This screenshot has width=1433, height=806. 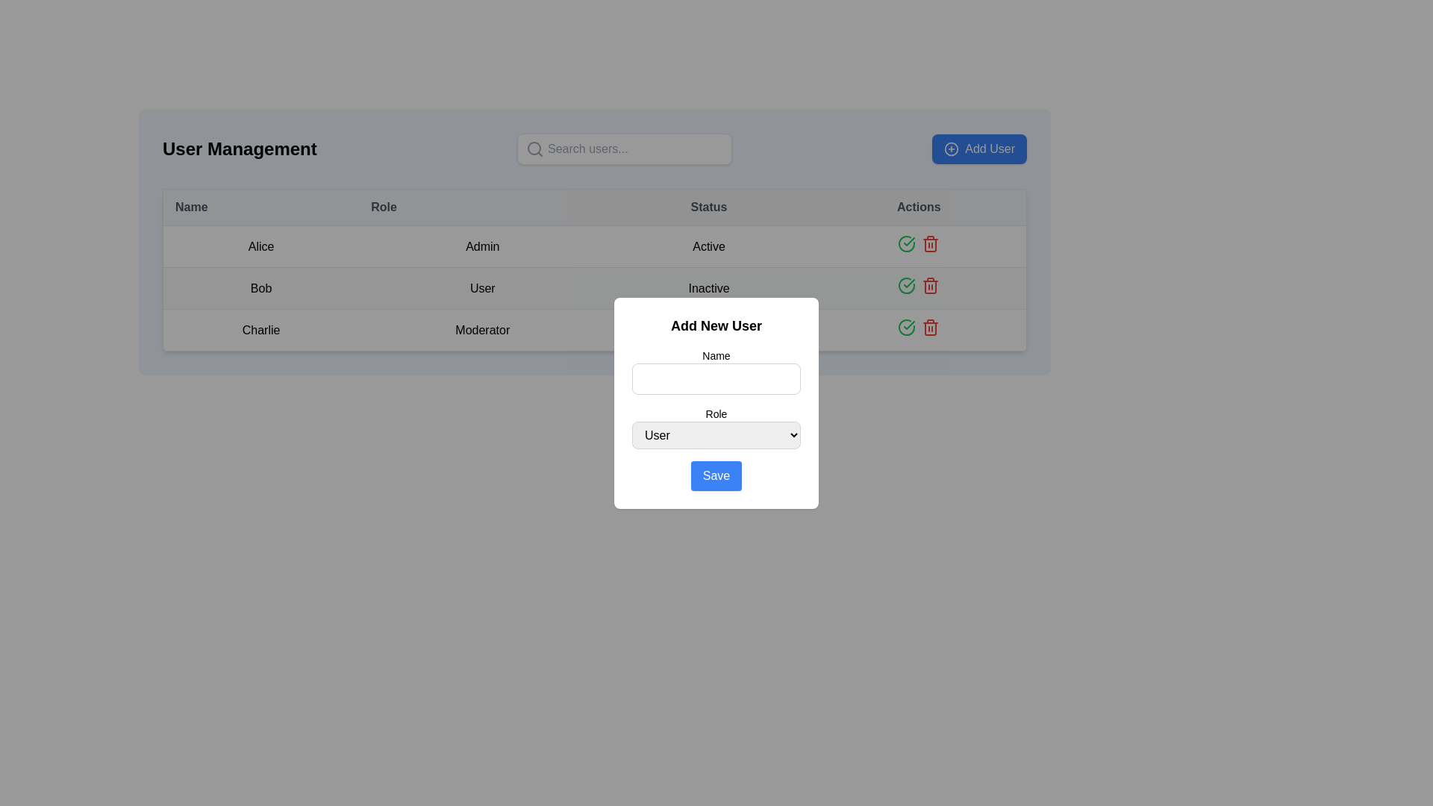 What do you see at coordinates (260, 329) in the screenshot?
I see `text displayed in the user's name field located in the third row of the 'Name' column in the user management table` at bounding box center [260, 329].